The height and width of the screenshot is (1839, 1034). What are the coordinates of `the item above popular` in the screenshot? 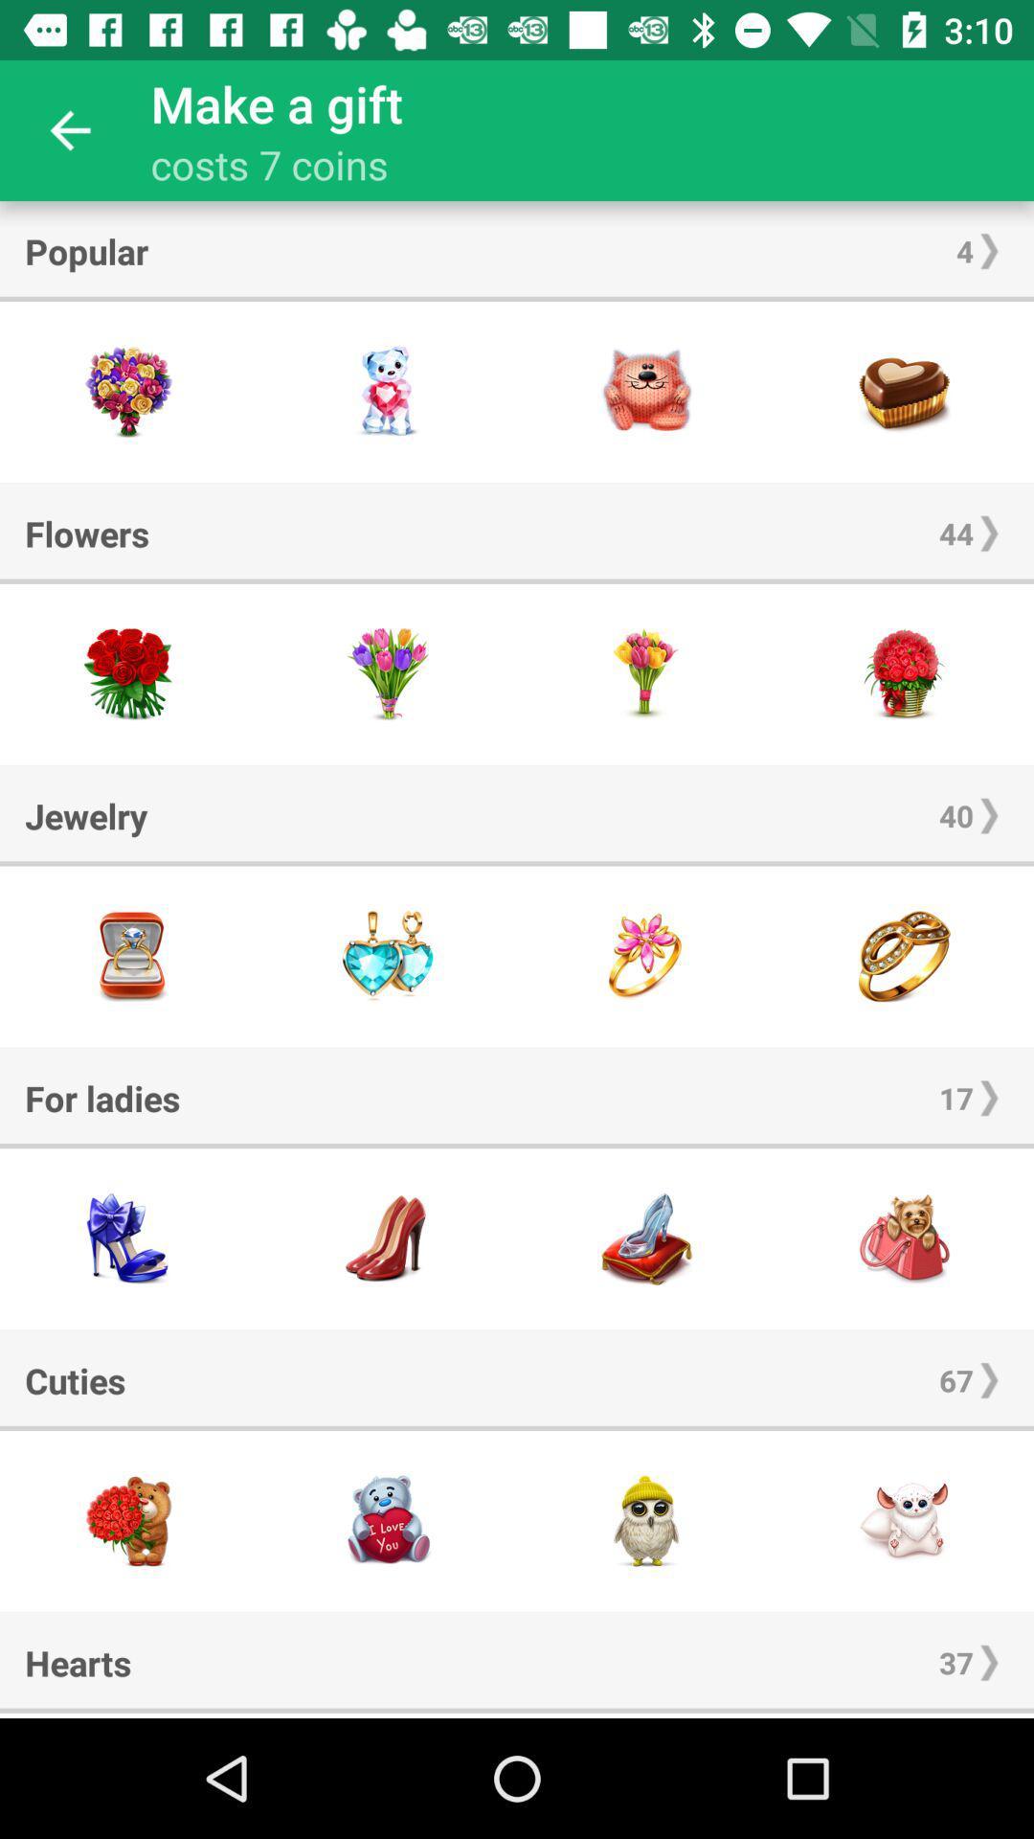 It's located at (69, 129).